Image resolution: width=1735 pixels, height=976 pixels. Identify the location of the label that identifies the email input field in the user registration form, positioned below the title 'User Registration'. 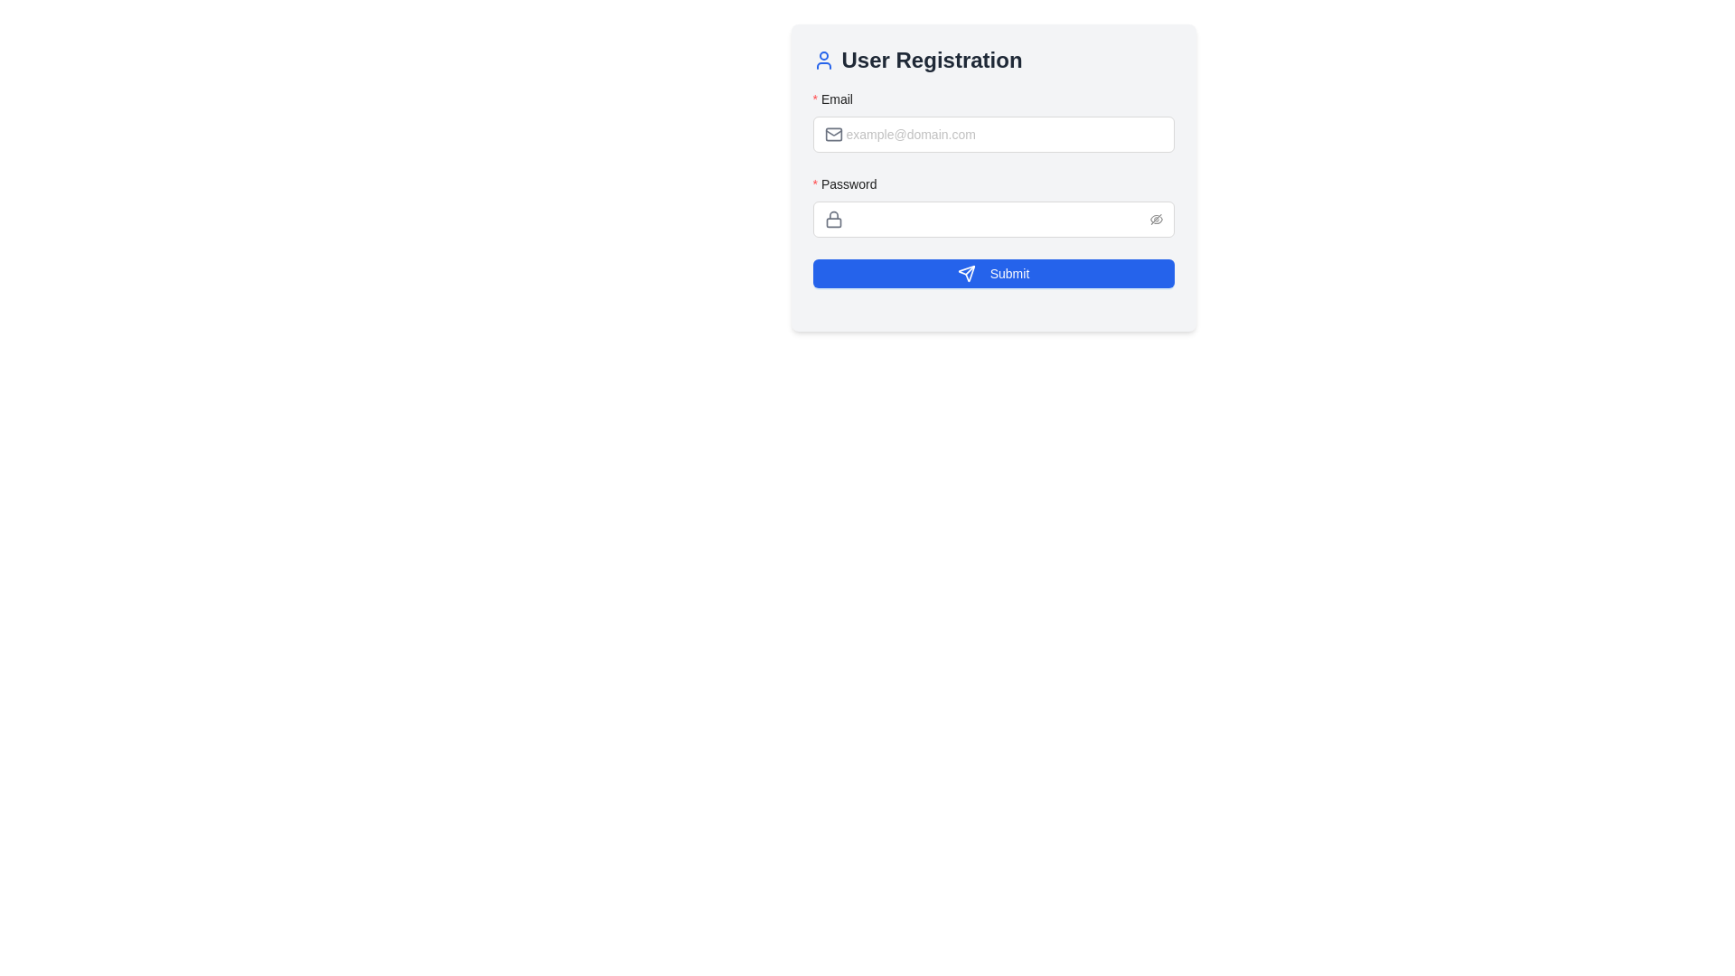
(838, 99).